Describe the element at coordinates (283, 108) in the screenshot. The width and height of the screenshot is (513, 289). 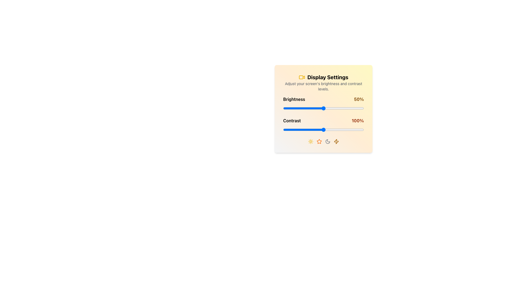
I see `brightness` at that location.